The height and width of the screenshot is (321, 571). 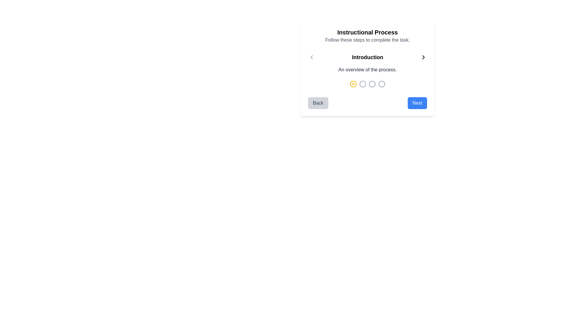 I want to click on the third circular icon in the horizontal sequence of five icons representing the current step in the 'Instructional Process' section, so click(x=372, y=84).